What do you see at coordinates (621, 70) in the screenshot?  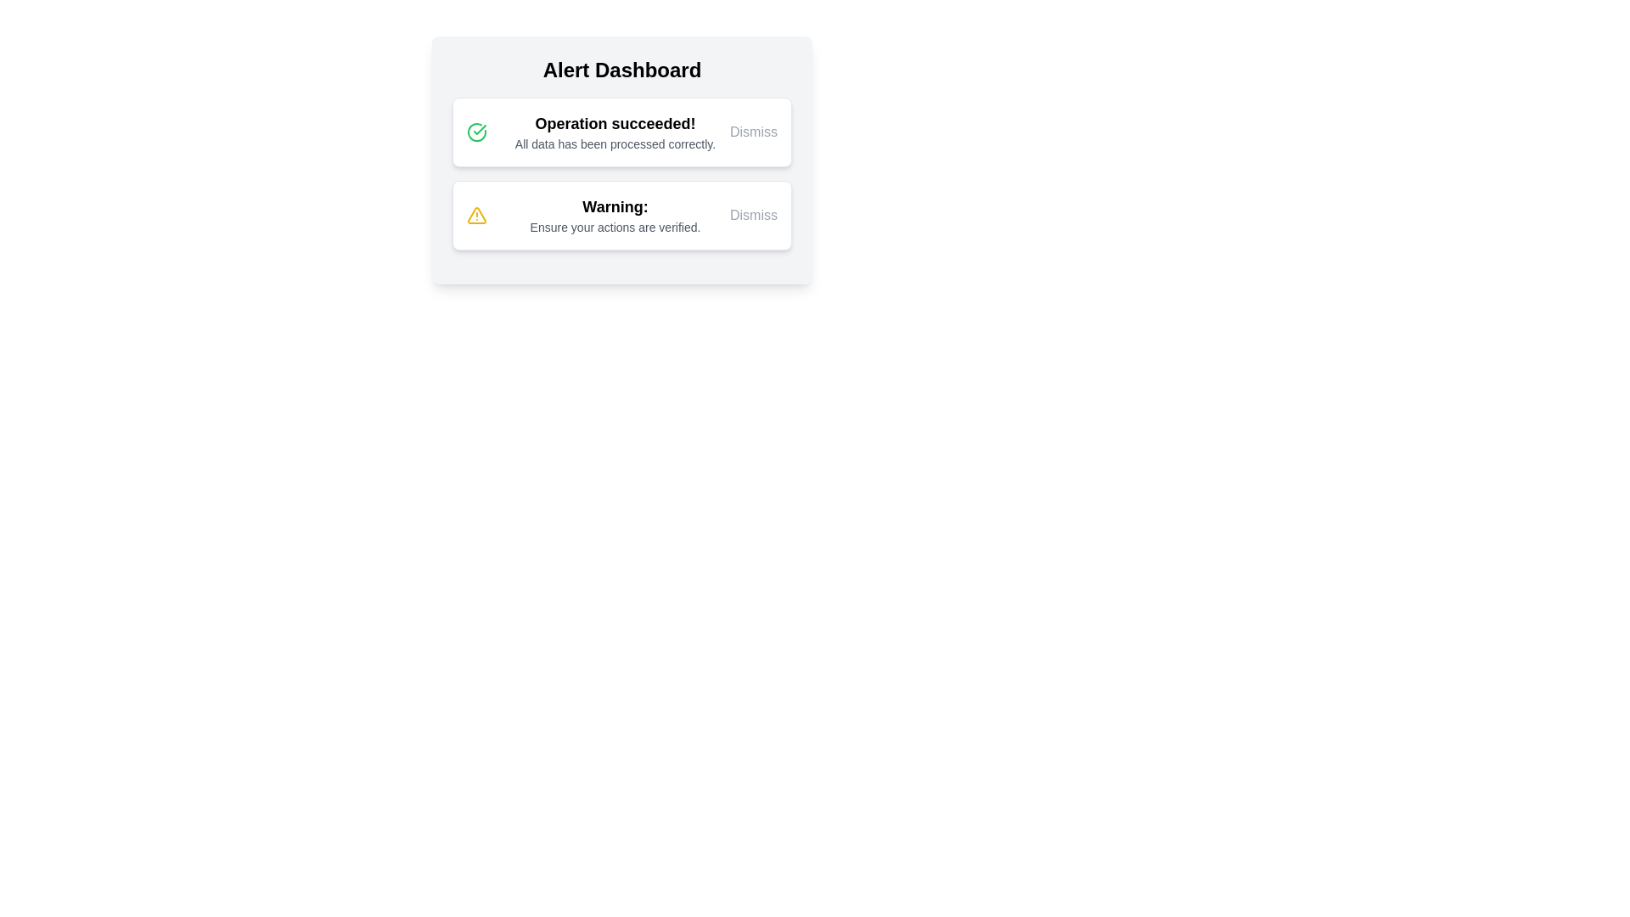 I see `the title of the dashboard to focus on it` at bounding box center [621, 70].